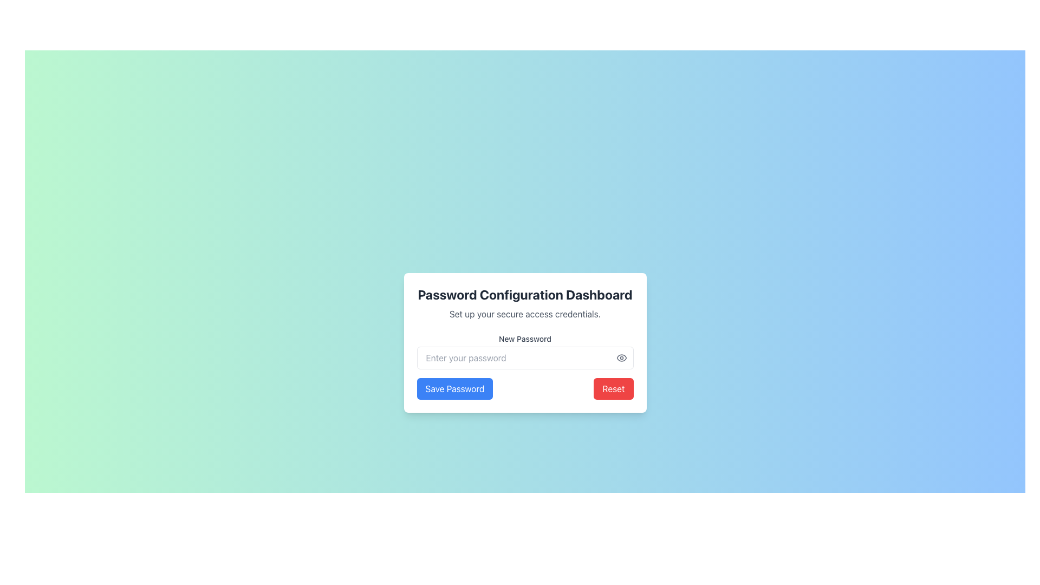 Image resolution: width=1040 pixels, height=585 pixels. I want to click on the eye-shaped icon for toggling visibility, located to the right of the password field, so click(625, 357).